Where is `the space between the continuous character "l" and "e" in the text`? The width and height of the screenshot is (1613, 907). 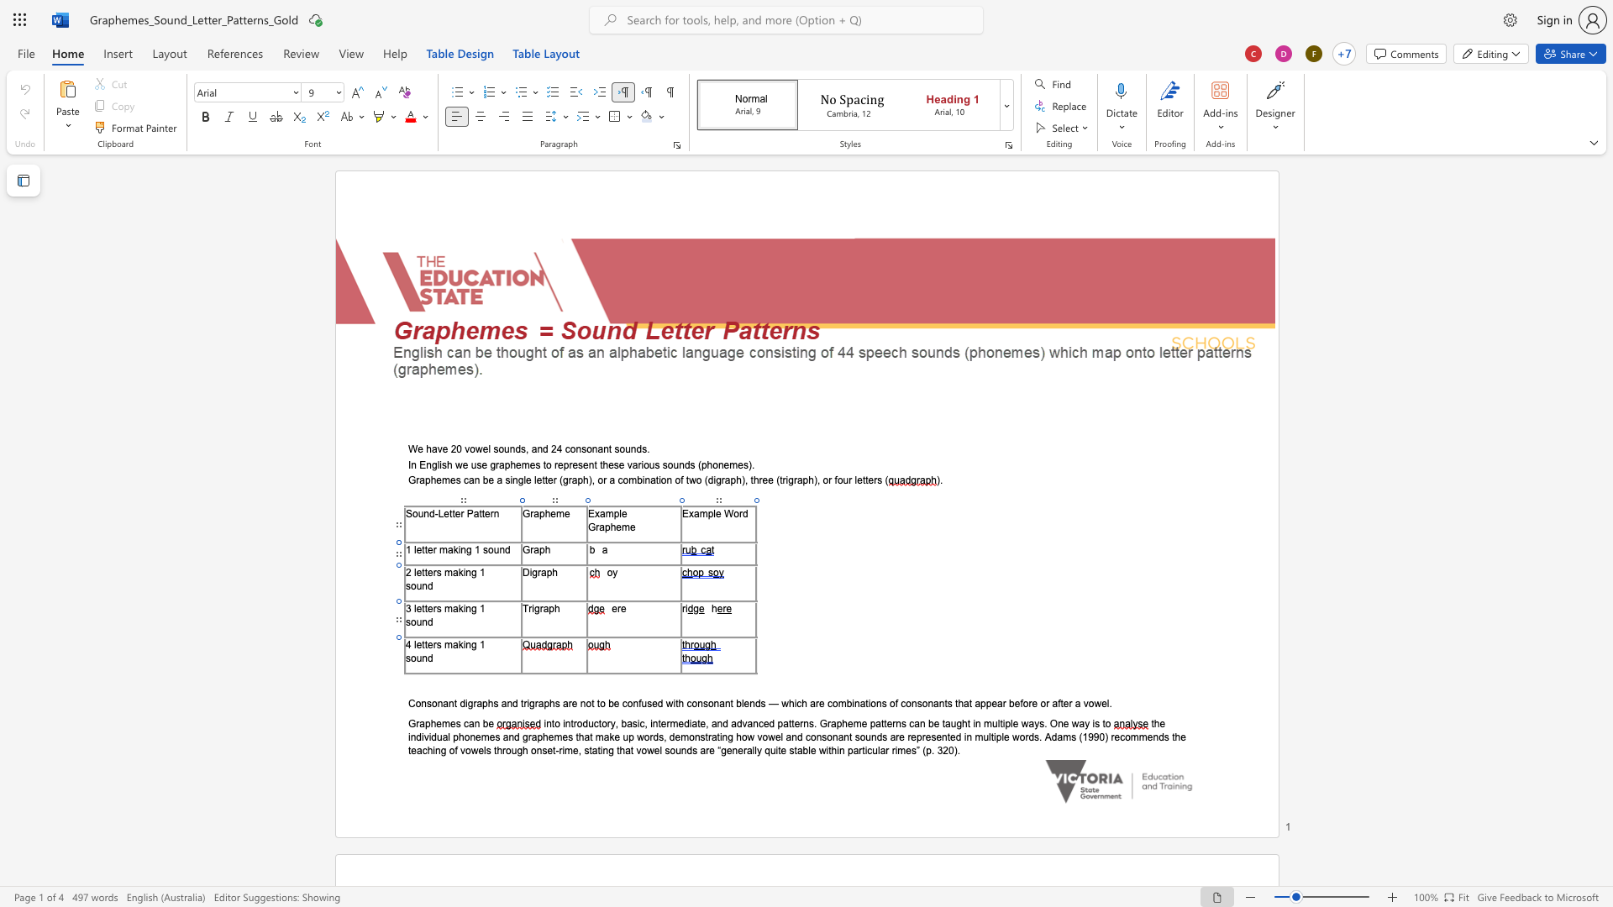 the space between the continuous character "l" and "e" in the text is located at coordinates (417, 643).